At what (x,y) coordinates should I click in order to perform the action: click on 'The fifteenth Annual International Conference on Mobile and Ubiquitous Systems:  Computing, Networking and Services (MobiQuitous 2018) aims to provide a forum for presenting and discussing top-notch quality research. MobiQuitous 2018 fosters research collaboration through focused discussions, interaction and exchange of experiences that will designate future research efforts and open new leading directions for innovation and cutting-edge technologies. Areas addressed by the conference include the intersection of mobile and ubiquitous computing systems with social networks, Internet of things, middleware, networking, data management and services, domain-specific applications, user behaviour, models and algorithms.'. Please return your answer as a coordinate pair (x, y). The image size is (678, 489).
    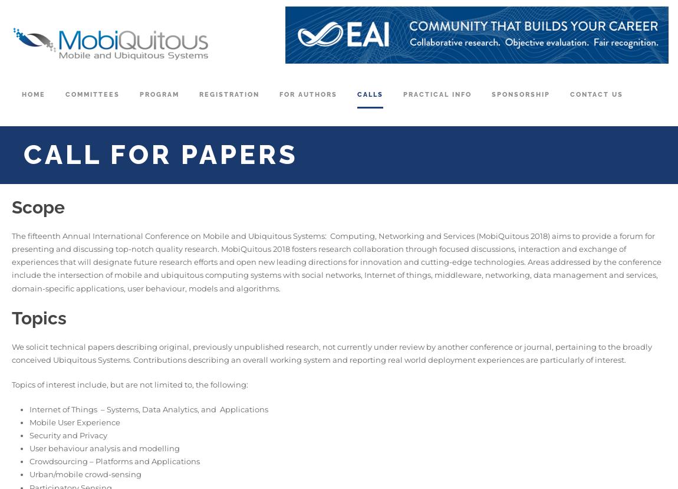
    Looking at the image, I should click on (336, 261).